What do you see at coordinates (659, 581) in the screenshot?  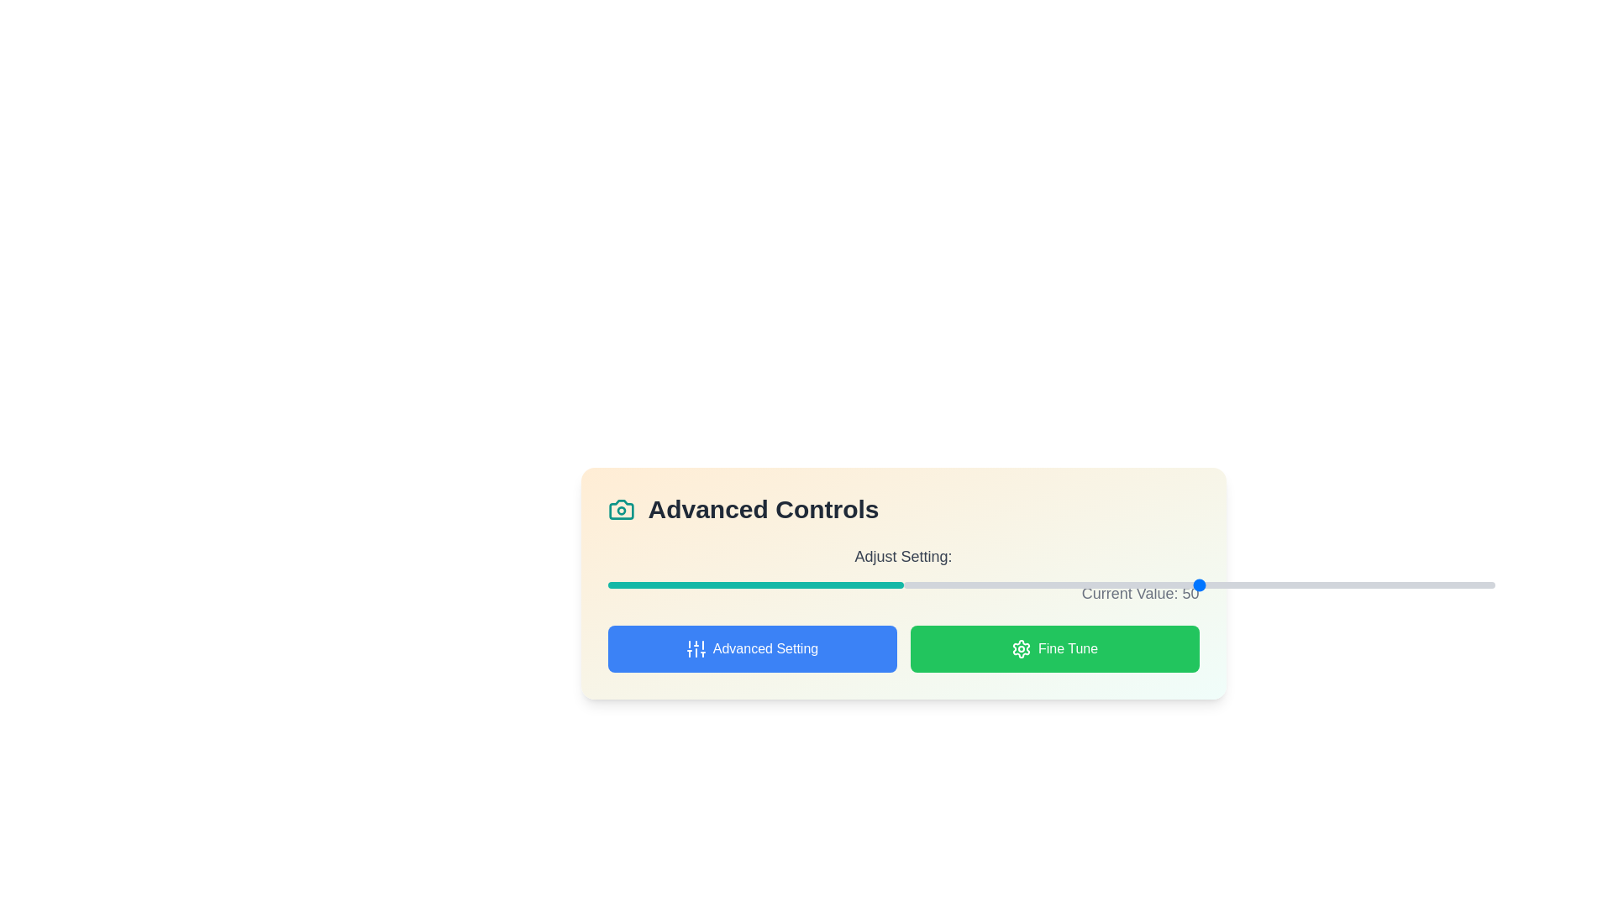 I see `the slider` at bounding box center [659, 581].